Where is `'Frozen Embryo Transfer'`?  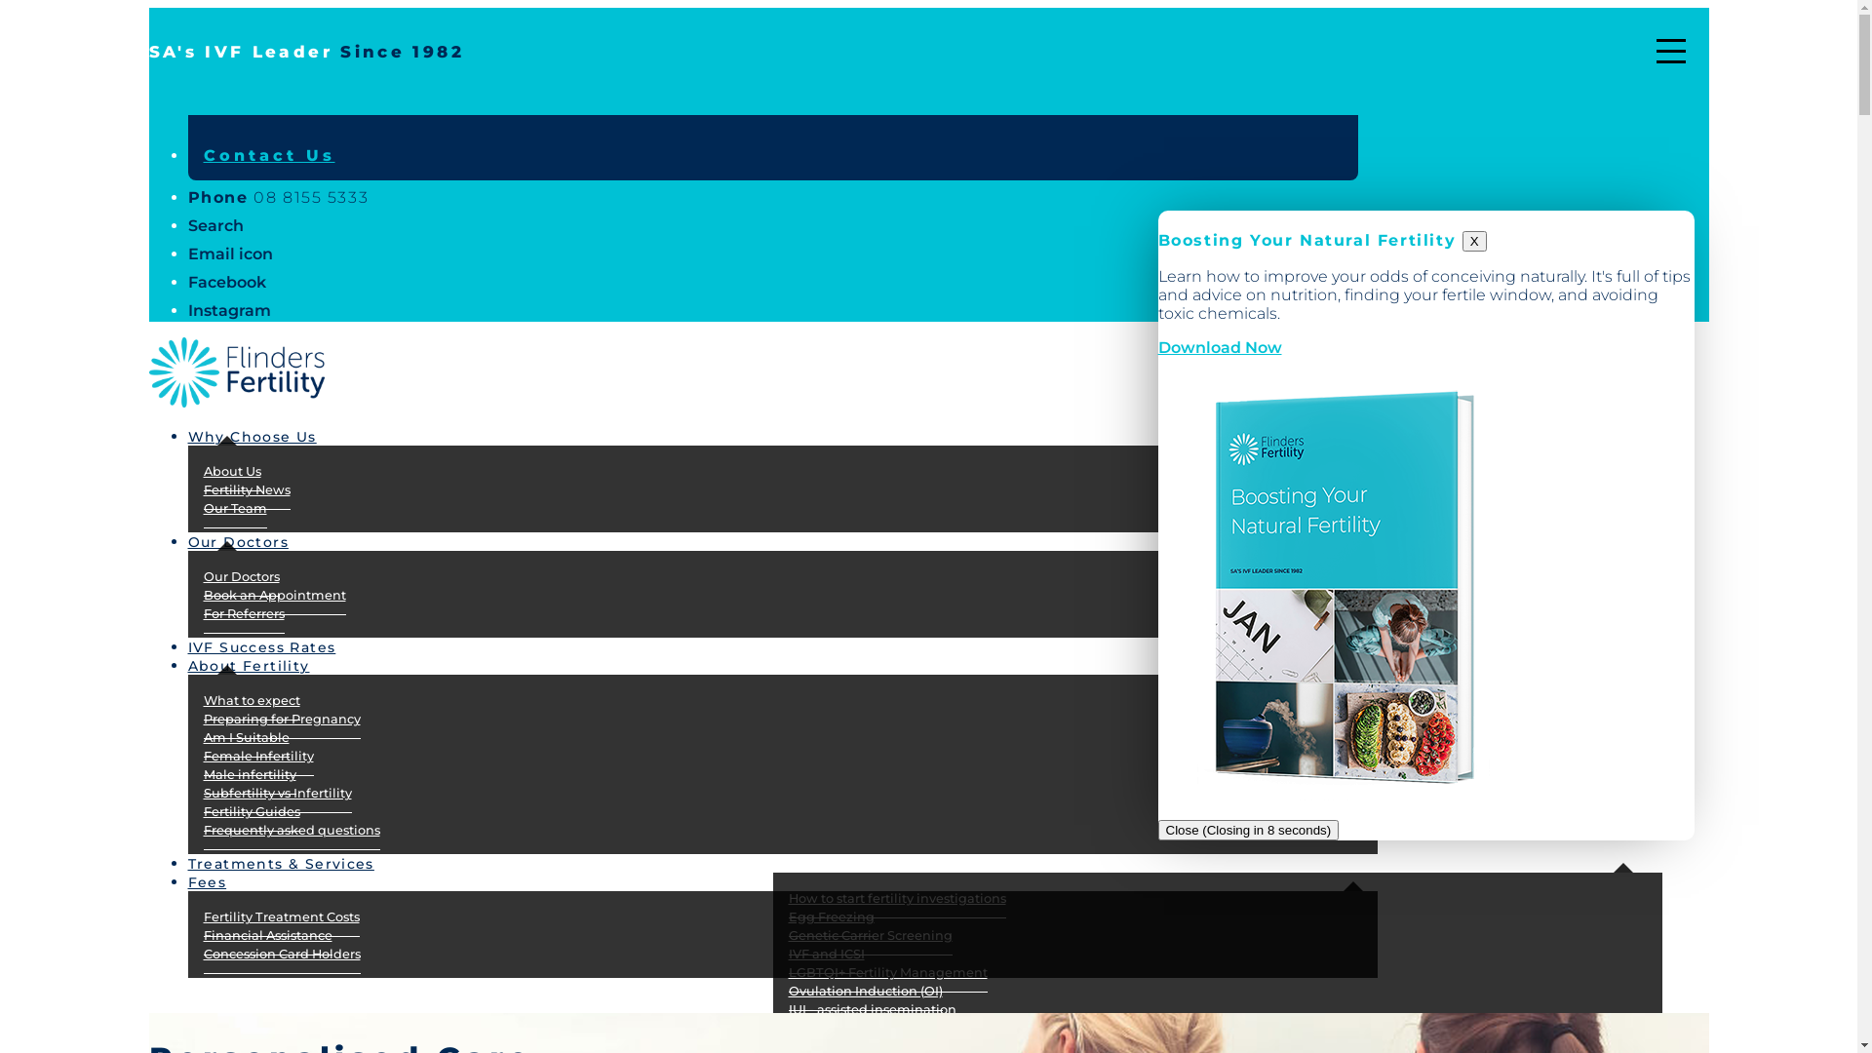
'Frozen Embryo Transfer' is located at coordinates (787, 1028).